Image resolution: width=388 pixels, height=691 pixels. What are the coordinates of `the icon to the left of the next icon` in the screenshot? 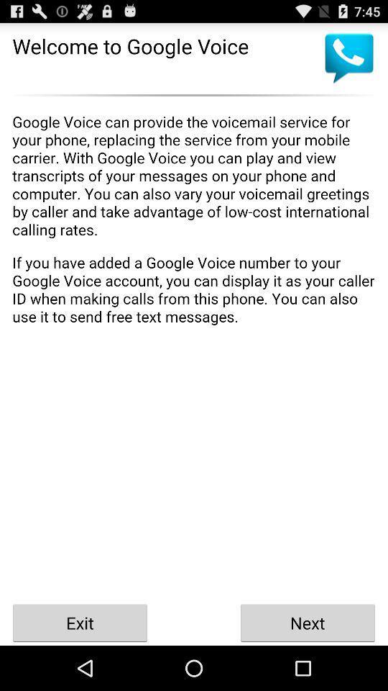 It's located at (80, 622).